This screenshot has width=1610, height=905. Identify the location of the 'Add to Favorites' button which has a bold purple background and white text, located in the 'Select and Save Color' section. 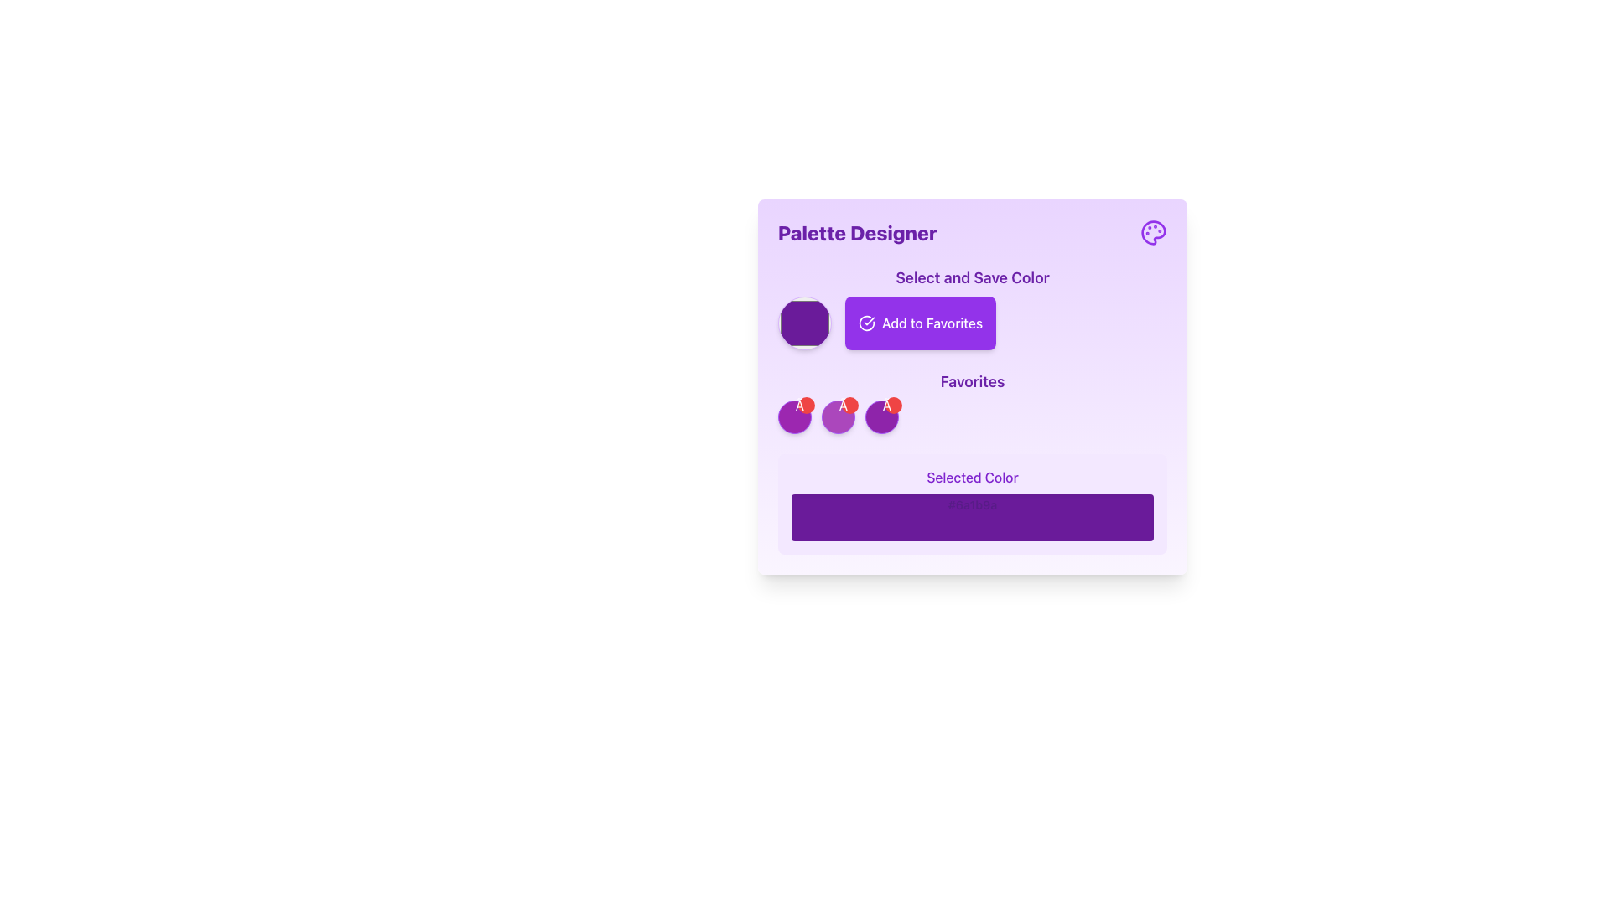
(920, 323).